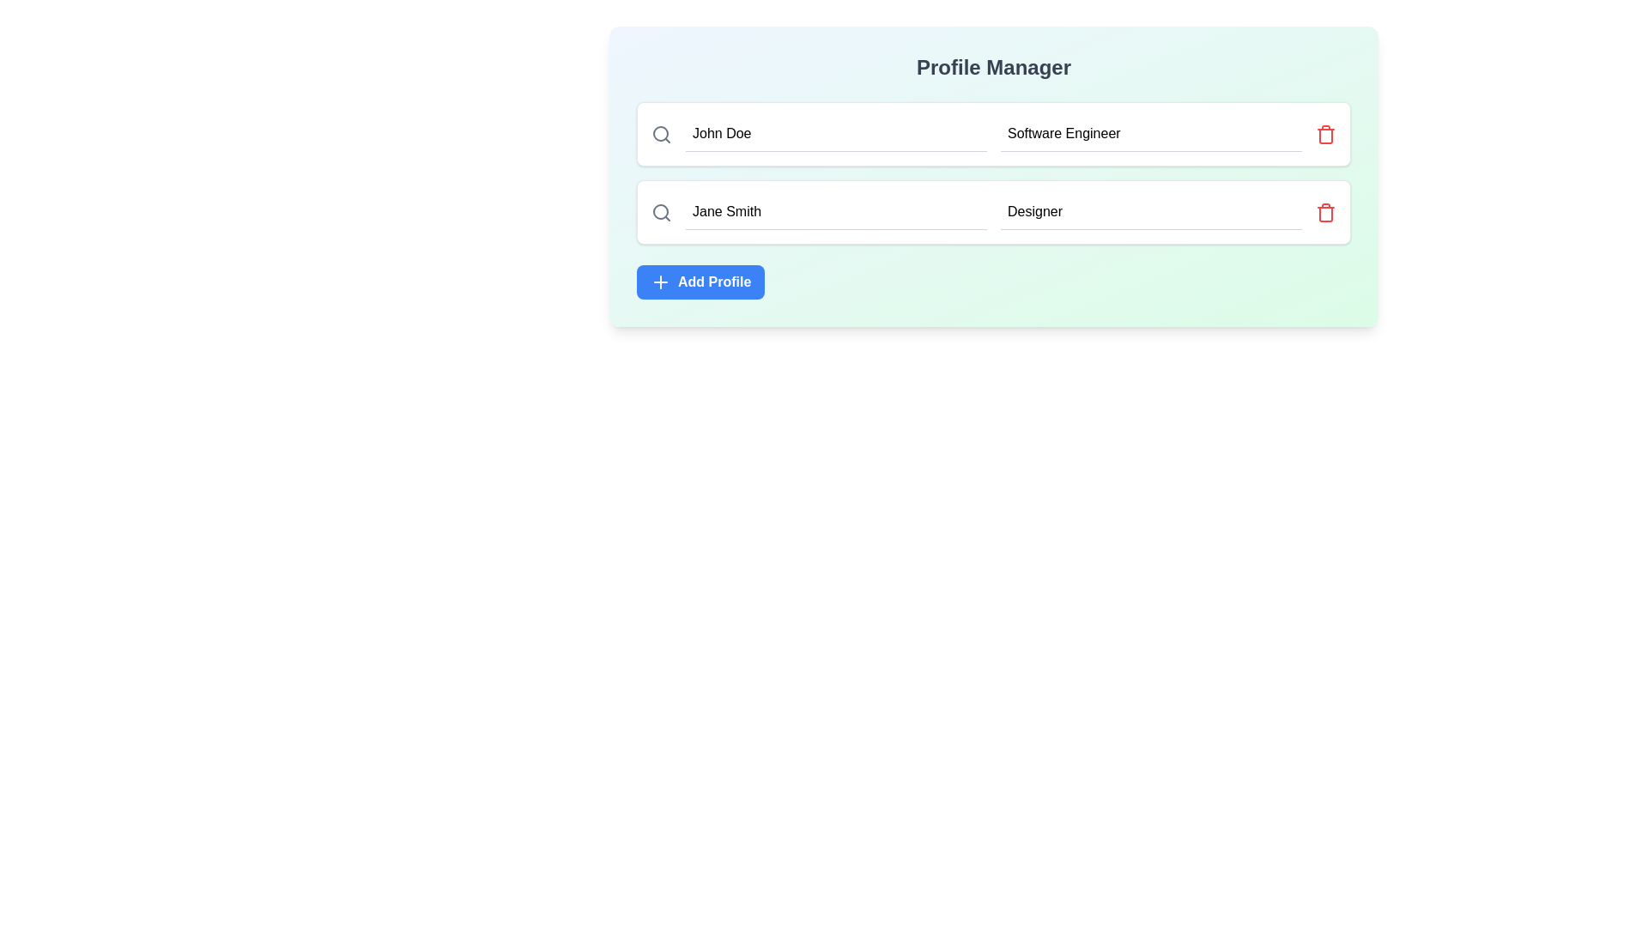 This screenshot has width=1648, height=927. I want to click on the red trash icon button located at the far right of the profile editor row, so click(1325, 211).